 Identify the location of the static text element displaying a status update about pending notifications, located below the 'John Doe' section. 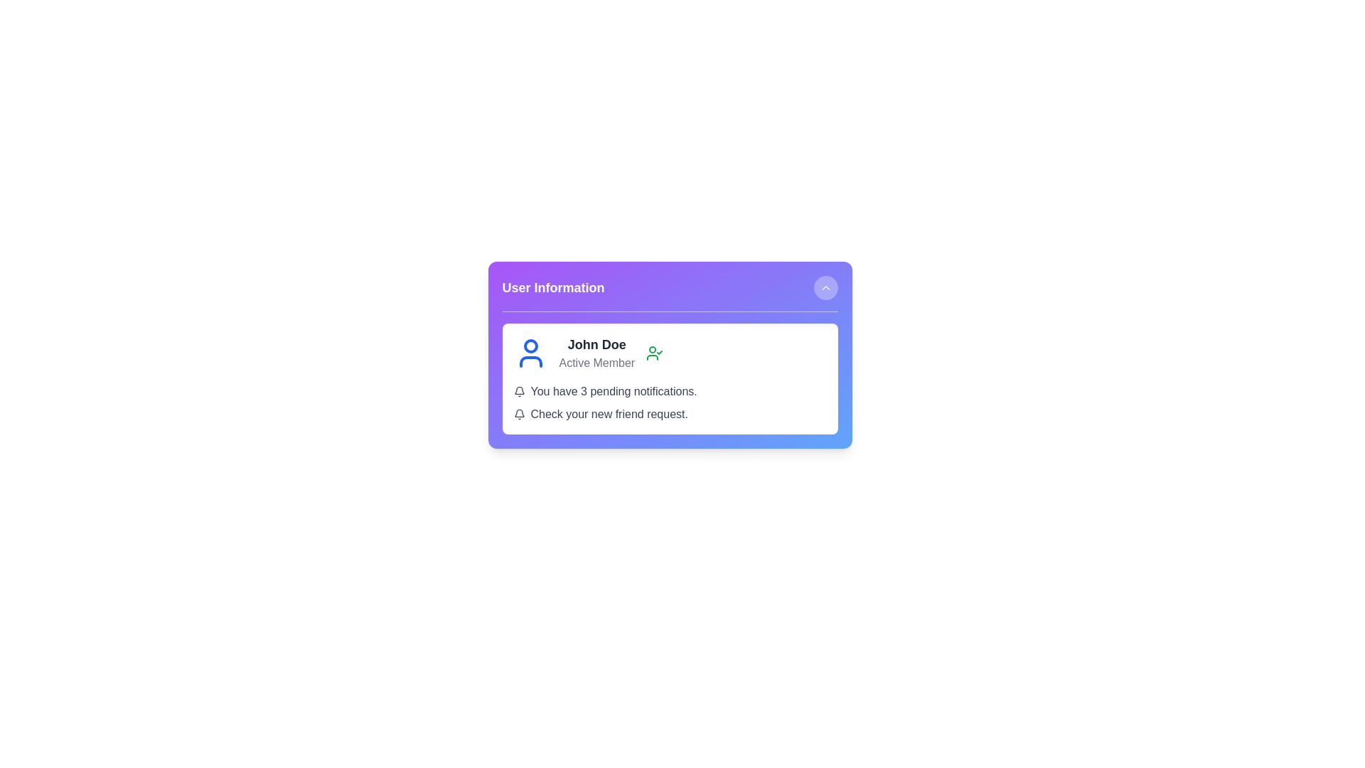
(669, 392).